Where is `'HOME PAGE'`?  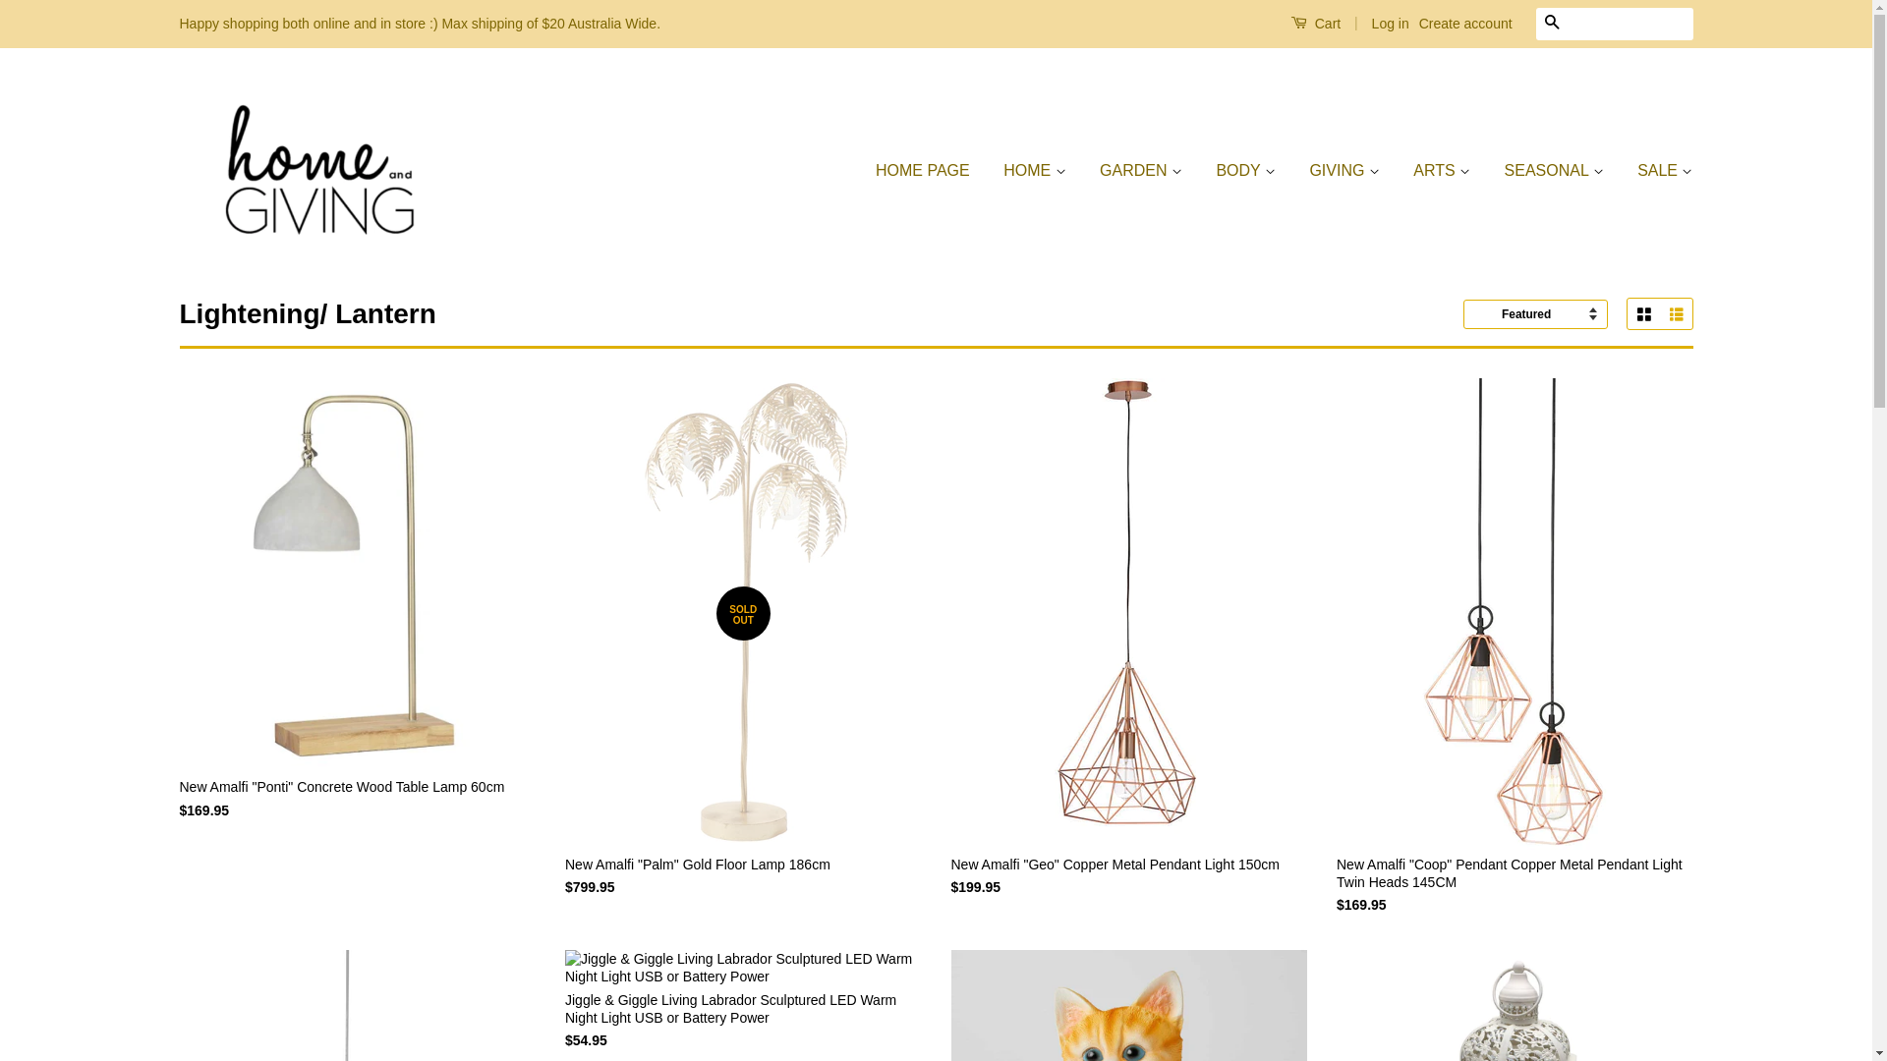
'HOME PAGE' is located at coordinates (929, 170).